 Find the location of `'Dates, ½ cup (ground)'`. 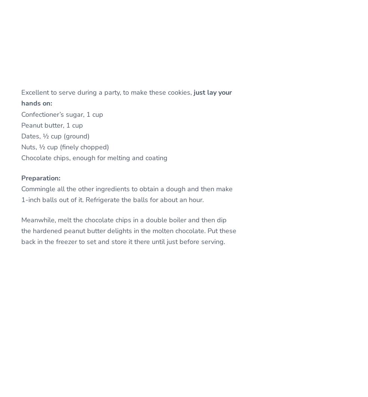

'Dates, ½ cup (ground)' is located at coordinates (55, 135).